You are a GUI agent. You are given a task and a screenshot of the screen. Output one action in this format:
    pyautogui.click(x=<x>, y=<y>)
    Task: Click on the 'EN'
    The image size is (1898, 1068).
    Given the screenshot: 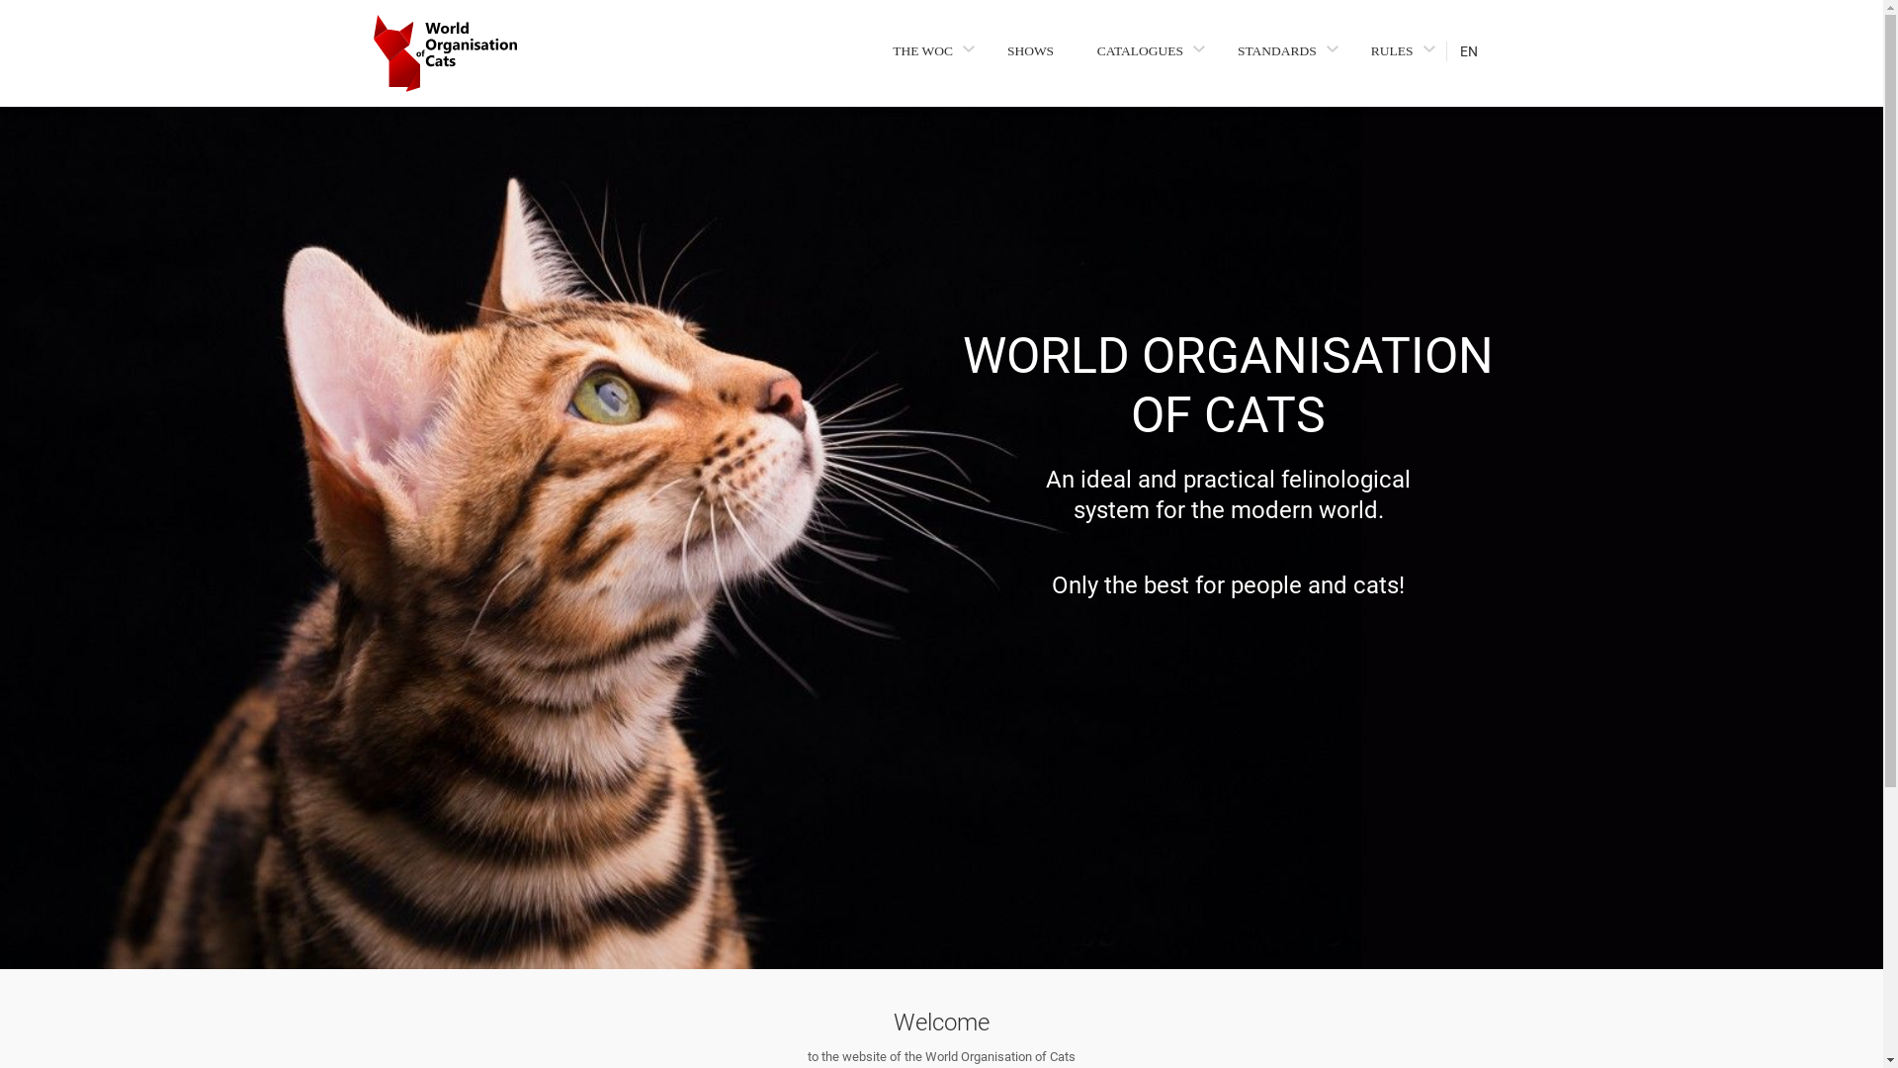 What is the action you would take?
    pyautogui.click(x=1477, y=49)
    